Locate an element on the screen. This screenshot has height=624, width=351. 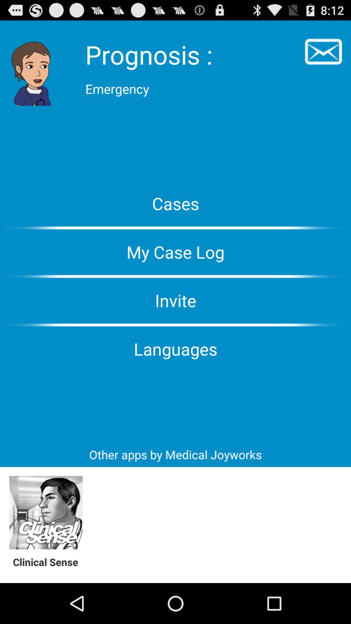
clinical sense is located at coordinates (45, 513).